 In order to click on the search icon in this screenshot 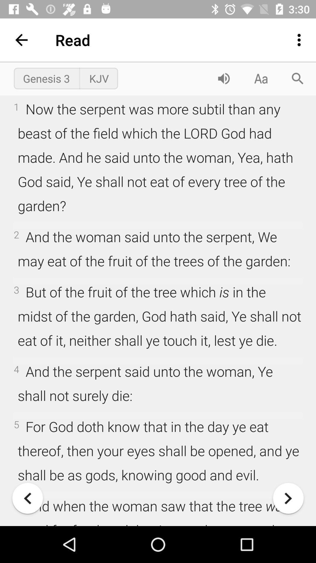, I will do `click(298, 78)`.